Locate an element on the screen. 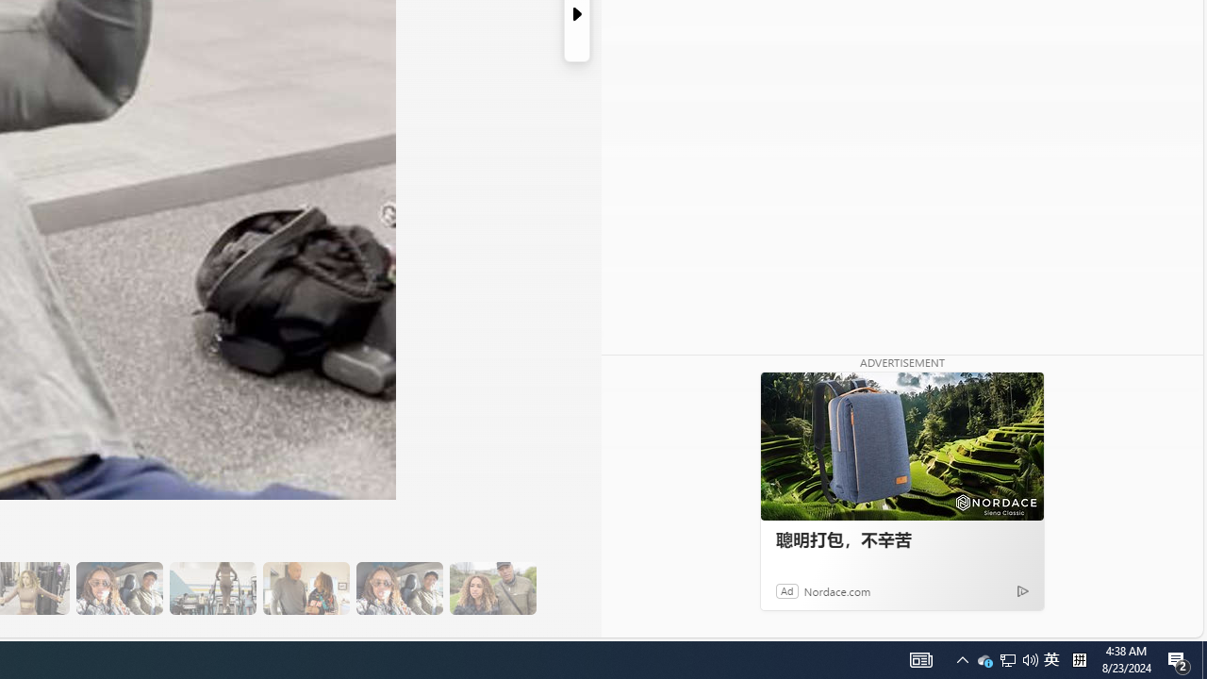 The height and width of the screenshot is (679, 1207). 'Ad Choice' is located at coordinates (1021, 589).